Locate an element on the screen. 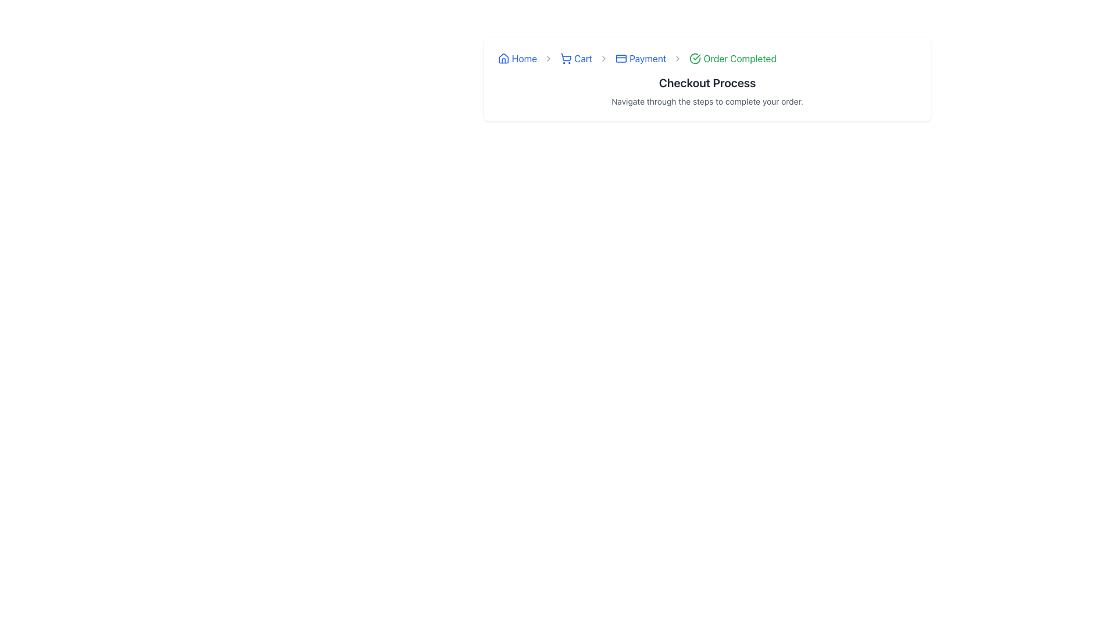  text of the completion indicator, which is the fourth item in the navigation sequence located near the top-right of the interface is located at coordinates (732, 58).